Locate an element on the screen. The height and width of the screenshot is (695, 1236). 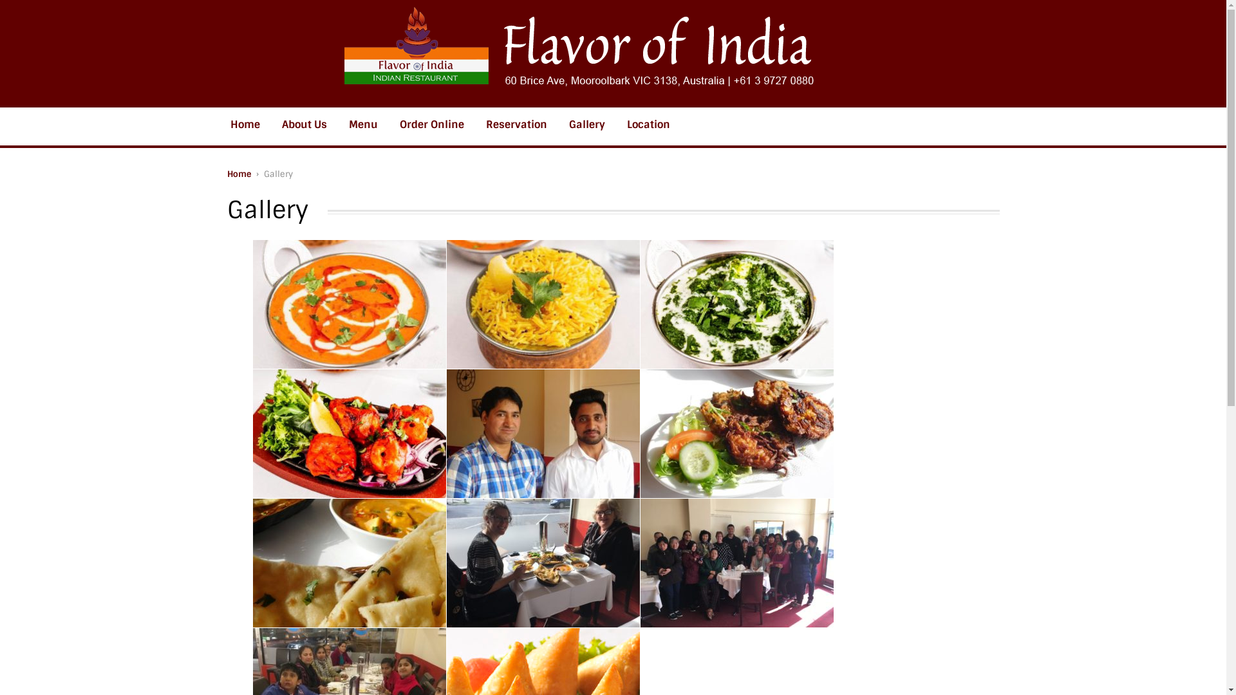
'gal5' is located at coordinates (736, 562).